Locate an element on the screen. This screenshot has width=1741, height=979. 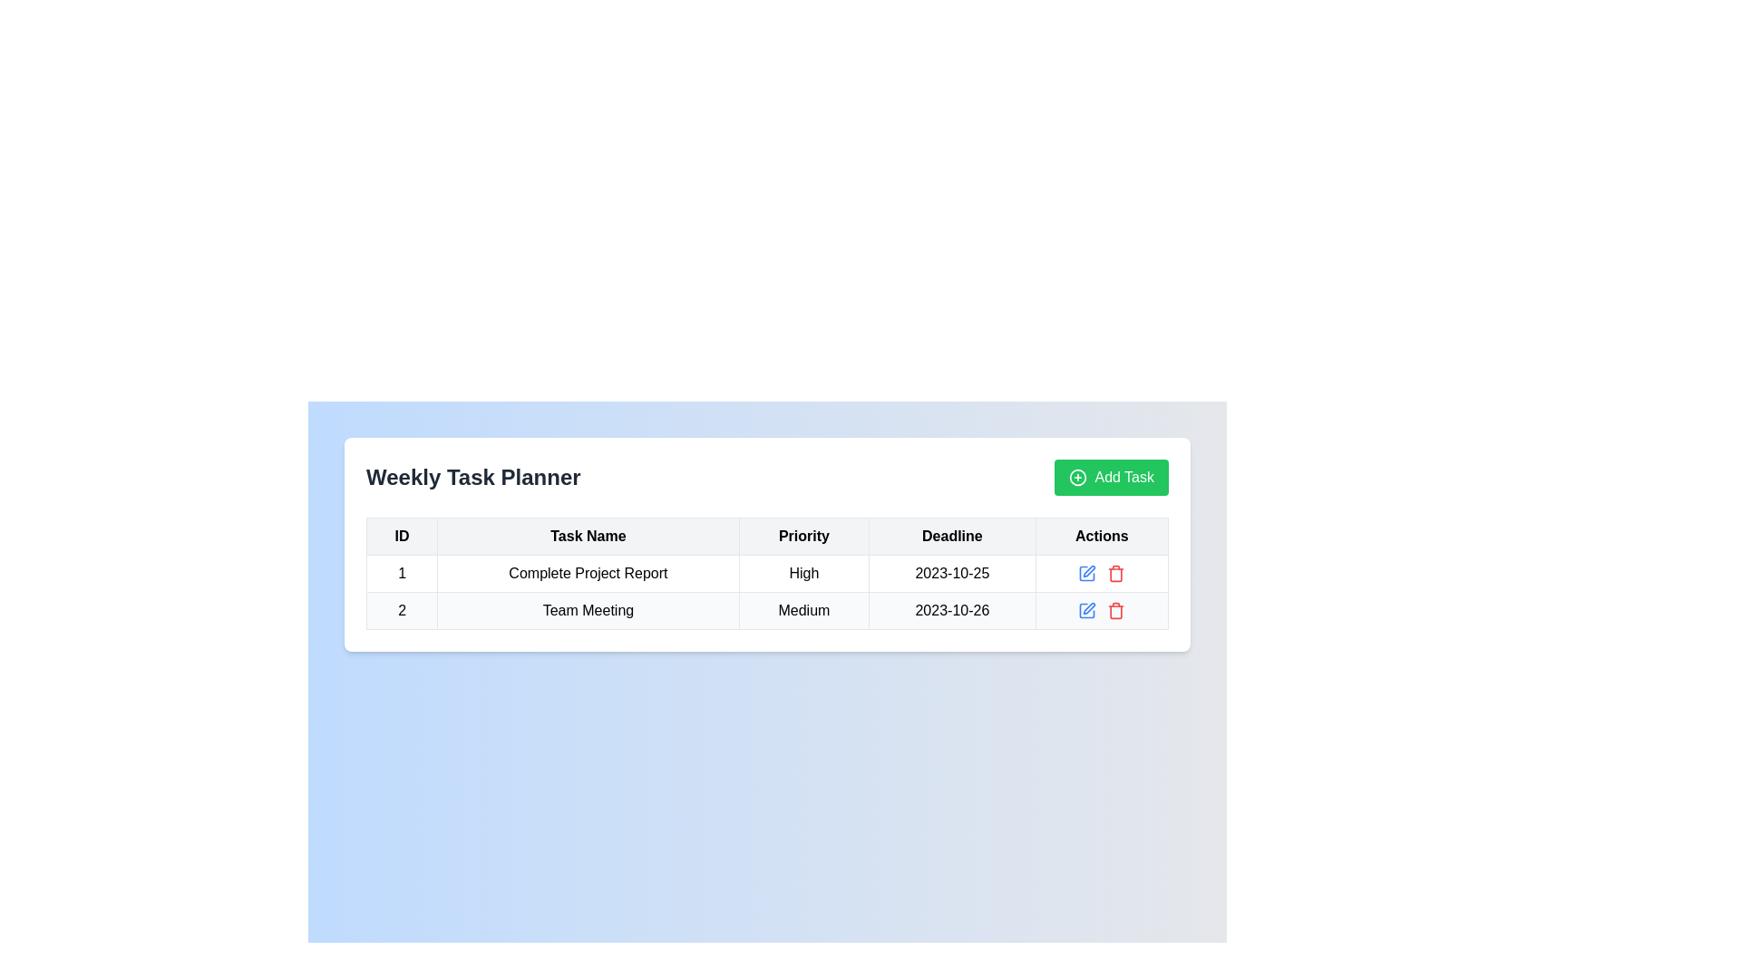
the edit button located in the 'Actions' column of the second row in the table to initiate the edit action is located at coordinates (1087, 611).